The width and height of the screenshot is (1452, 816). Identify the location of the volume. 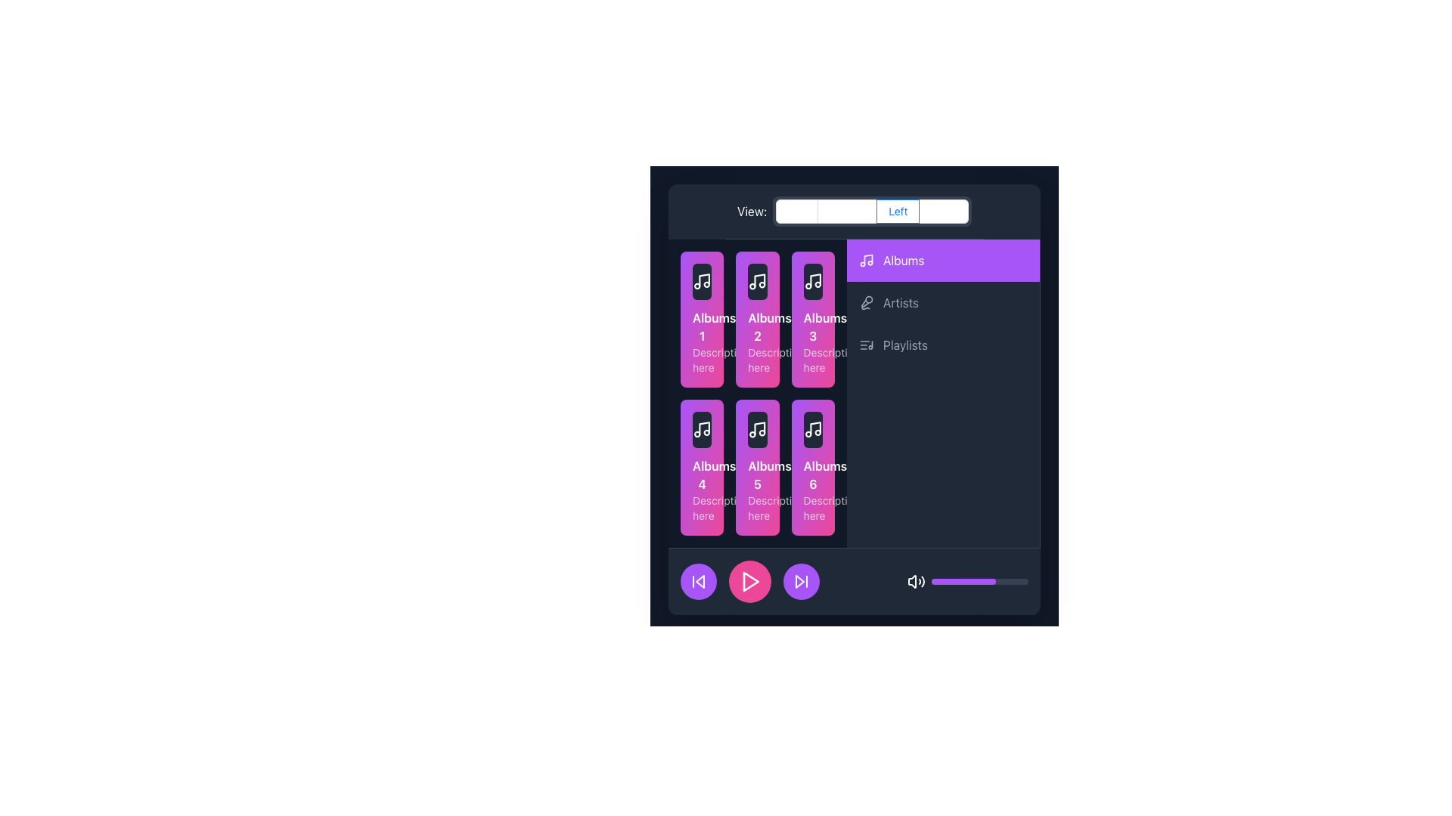
(955, 581).